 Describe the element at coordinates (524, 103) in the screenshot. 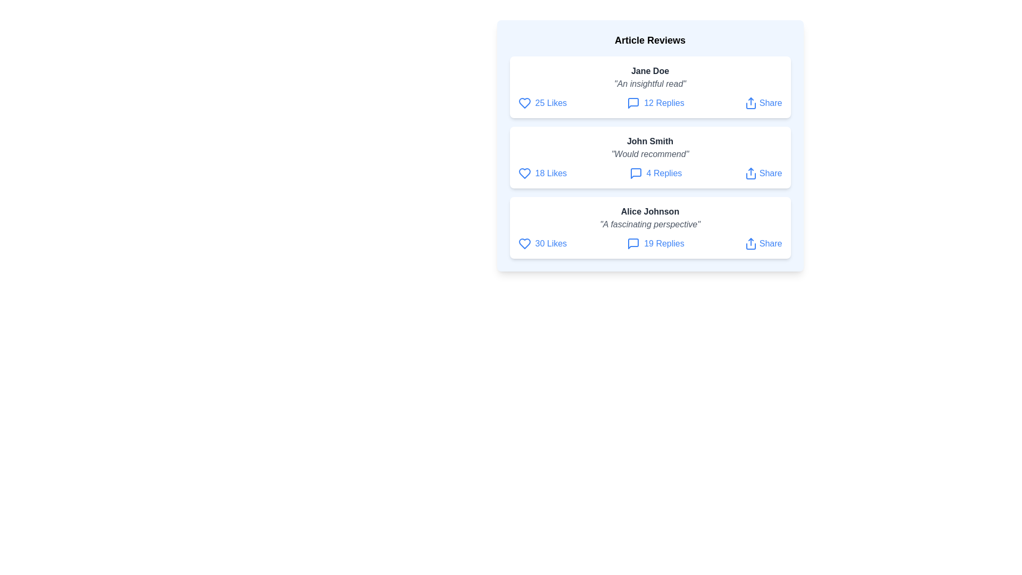

I see `like button for the review authored by Jane Doe` at that location.